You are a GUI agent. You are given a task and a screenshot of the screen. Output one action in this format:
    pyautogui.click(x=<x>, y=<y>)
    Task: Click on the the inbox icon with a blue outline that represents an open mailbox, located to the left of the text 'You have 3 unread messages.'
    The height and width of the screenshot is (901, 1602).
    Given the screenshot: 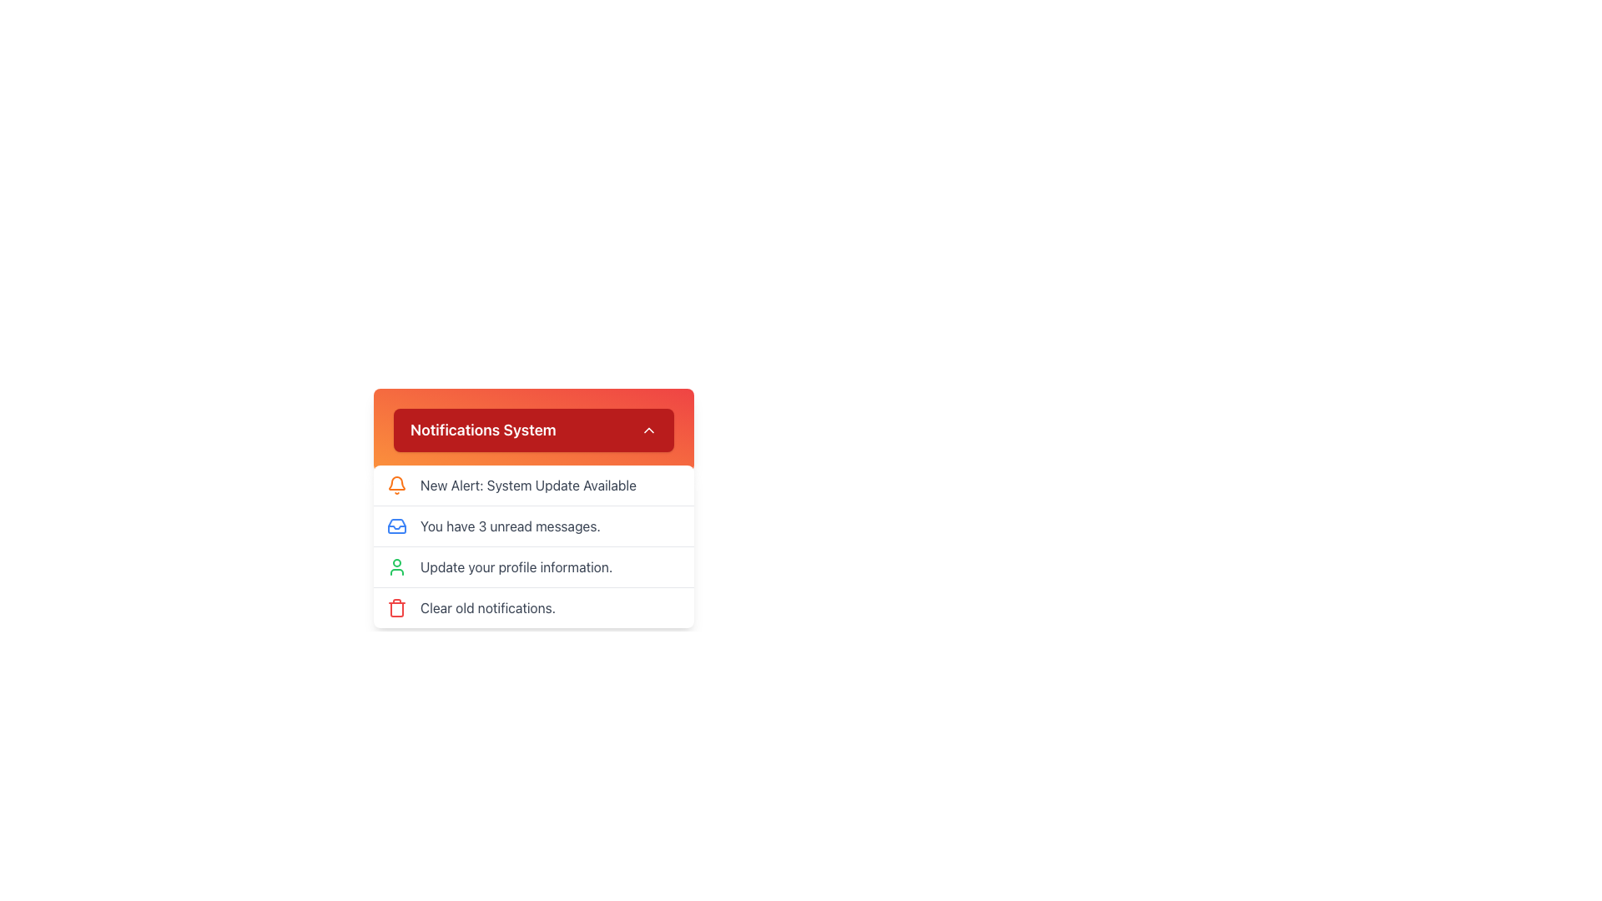 What is the action you would take?
    pyautogui.click(x=395, y=526)
    